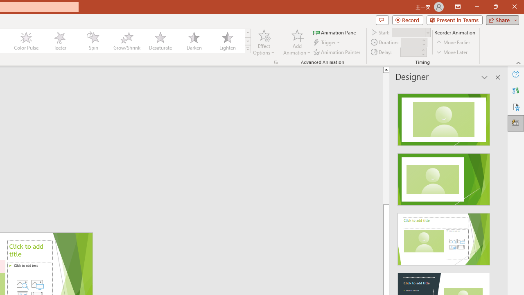 This screenshot has width=524, height=295. Describe the element at coordinates (327, 42) in the screenshot. I see `'Trigger'` at that location.